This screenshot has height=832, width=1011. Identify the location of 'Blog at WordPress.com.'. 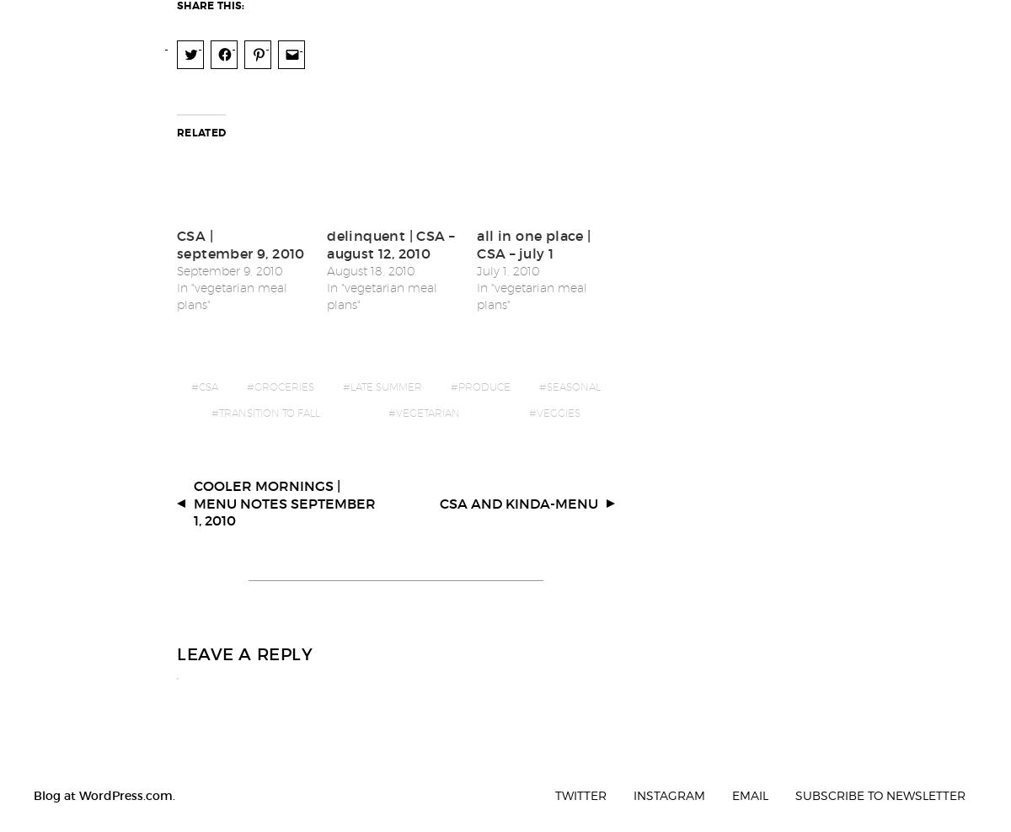
(104, 783).